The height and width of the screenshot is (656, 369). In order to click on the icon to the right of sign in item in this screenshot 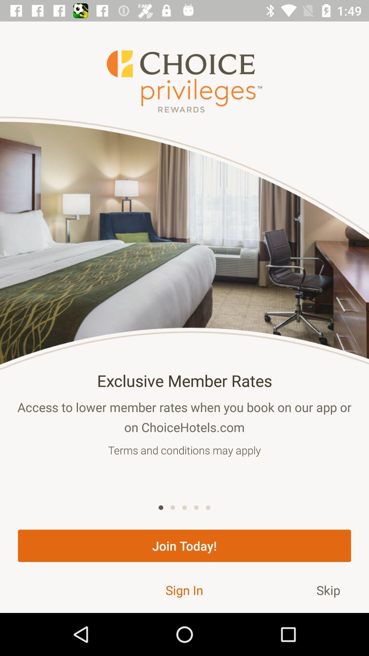, I will do `click(328, 590)`.